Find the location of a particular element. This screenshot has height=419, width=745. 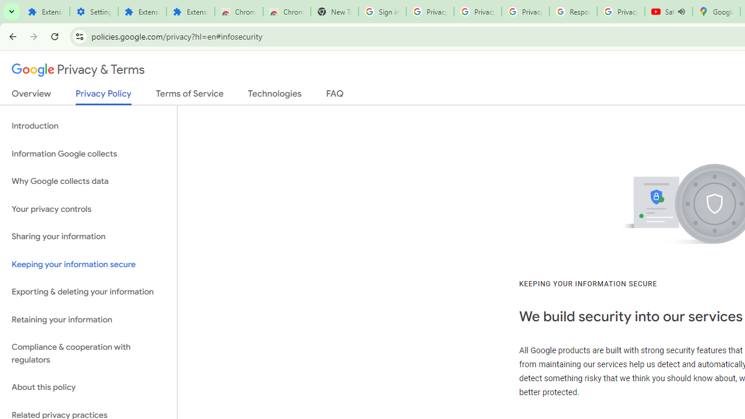

'Chrome Web Store' is located at coordinates (238, 12).